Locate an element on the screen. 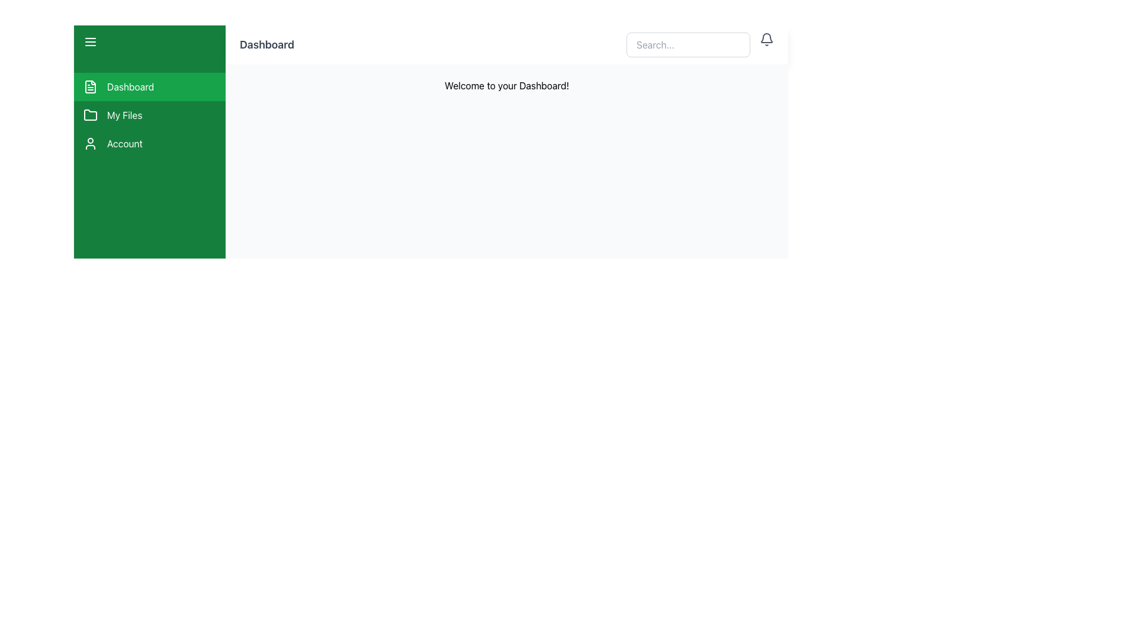 This screenshot has width=1137, height=639. the 'Dashboard' text label in the vertical navigation menu, which is prominently displayed in white against a green background and is located near the top of the menu, adjacent to a document icon is located at coordinates (130, 86).